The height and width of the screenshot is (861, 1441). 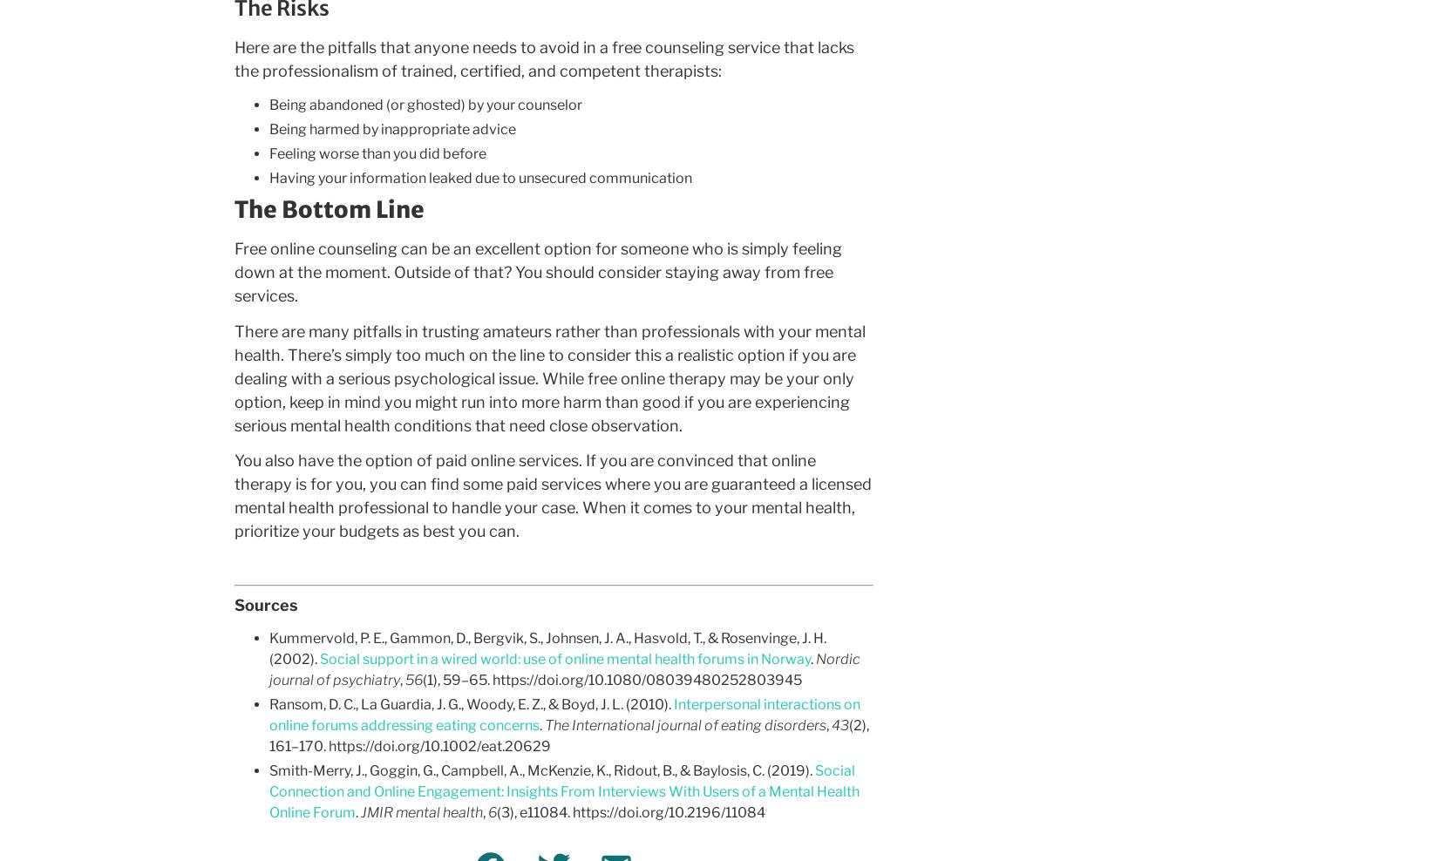 What do you see at coordinates (391, 127) in the screenshot?
I see `'Being harmed by inappropriate advice'` at bounding box center [391, 127].